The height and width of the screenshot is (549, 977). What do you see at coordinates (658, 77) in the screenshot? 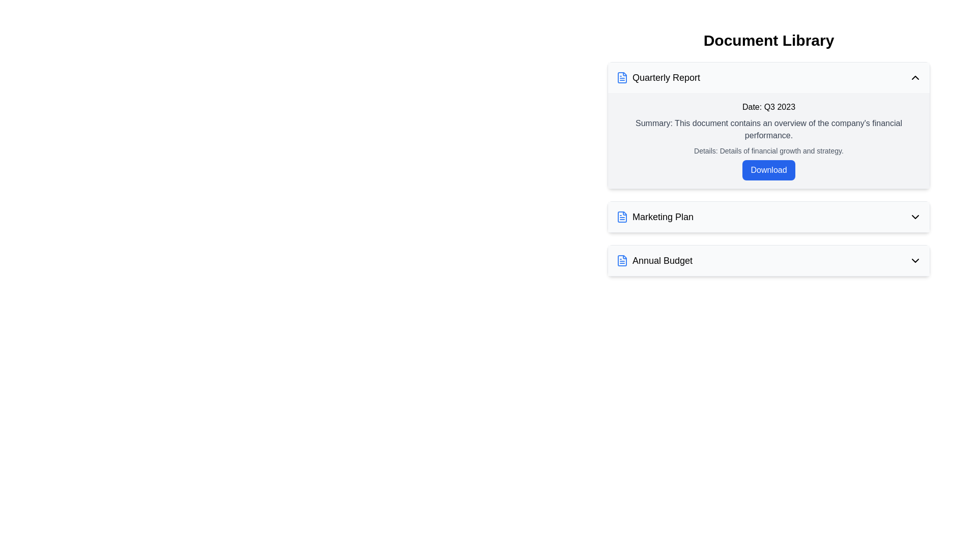
I see `the 'Quarterly Report' header element, which features a bold text and a document icon` at bounding box center [658, 77].